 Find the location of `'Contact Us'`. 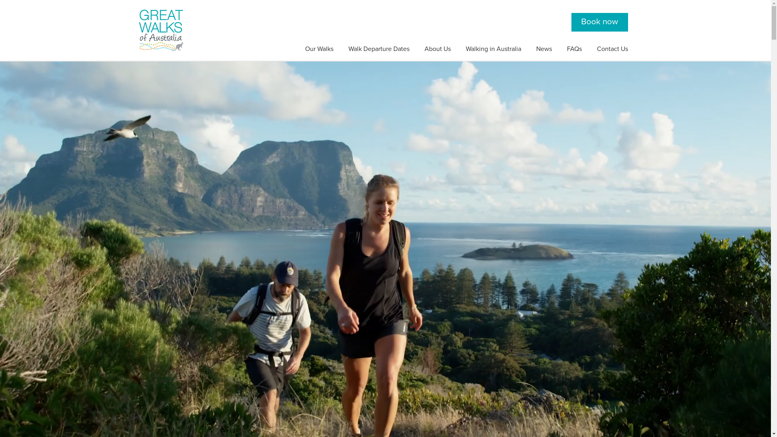

'Contact Us' is located at coordinates (612, 49).